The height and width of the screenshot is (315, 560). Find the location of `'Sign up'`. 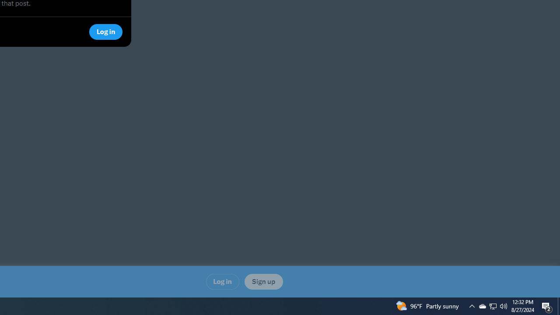

'Sign up' is located at coordinates (263, 281).